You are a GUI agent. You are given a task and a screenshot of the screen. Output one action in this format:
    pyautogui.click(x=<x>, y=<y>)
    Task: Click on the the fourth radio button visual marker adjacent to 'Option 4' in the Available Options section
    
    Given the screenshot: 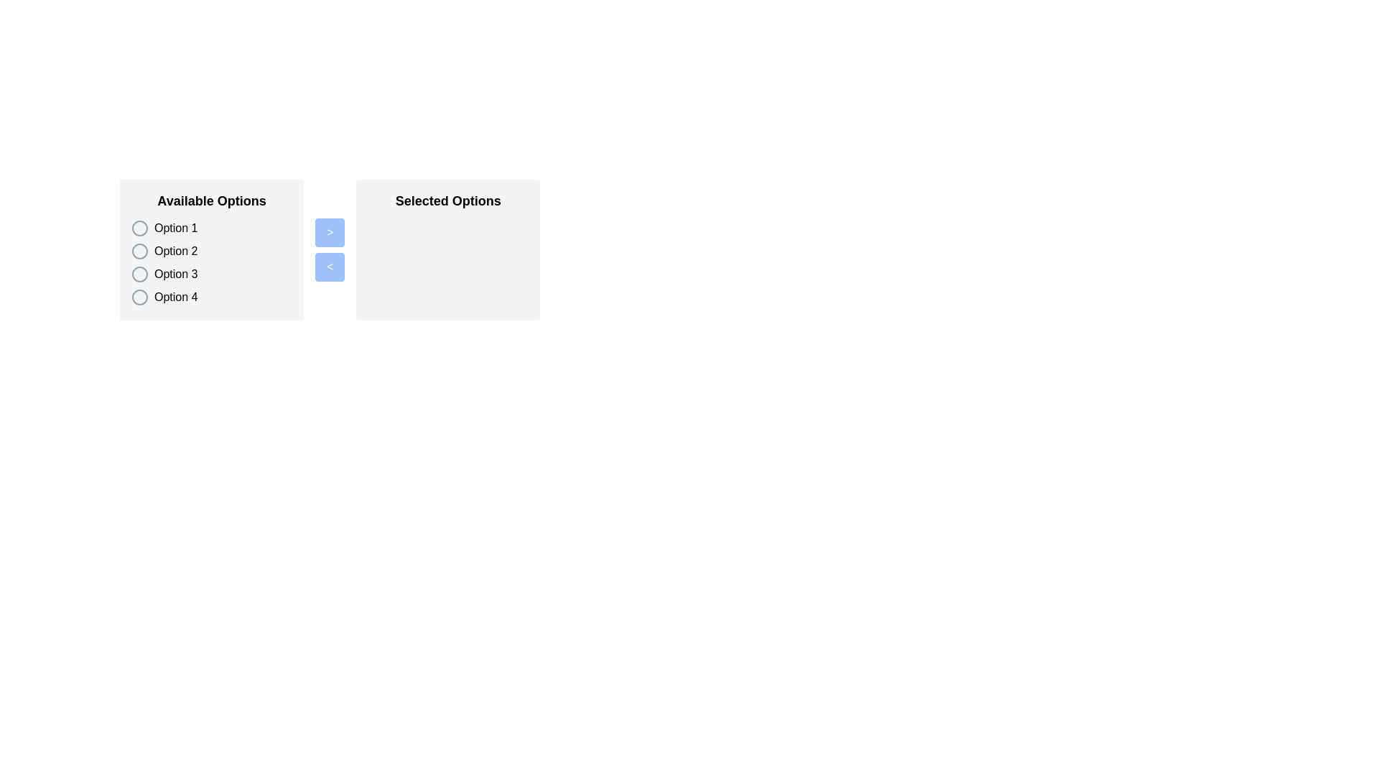 What is the action you would take?
    pyautogui.click(x=140, y=296)
    